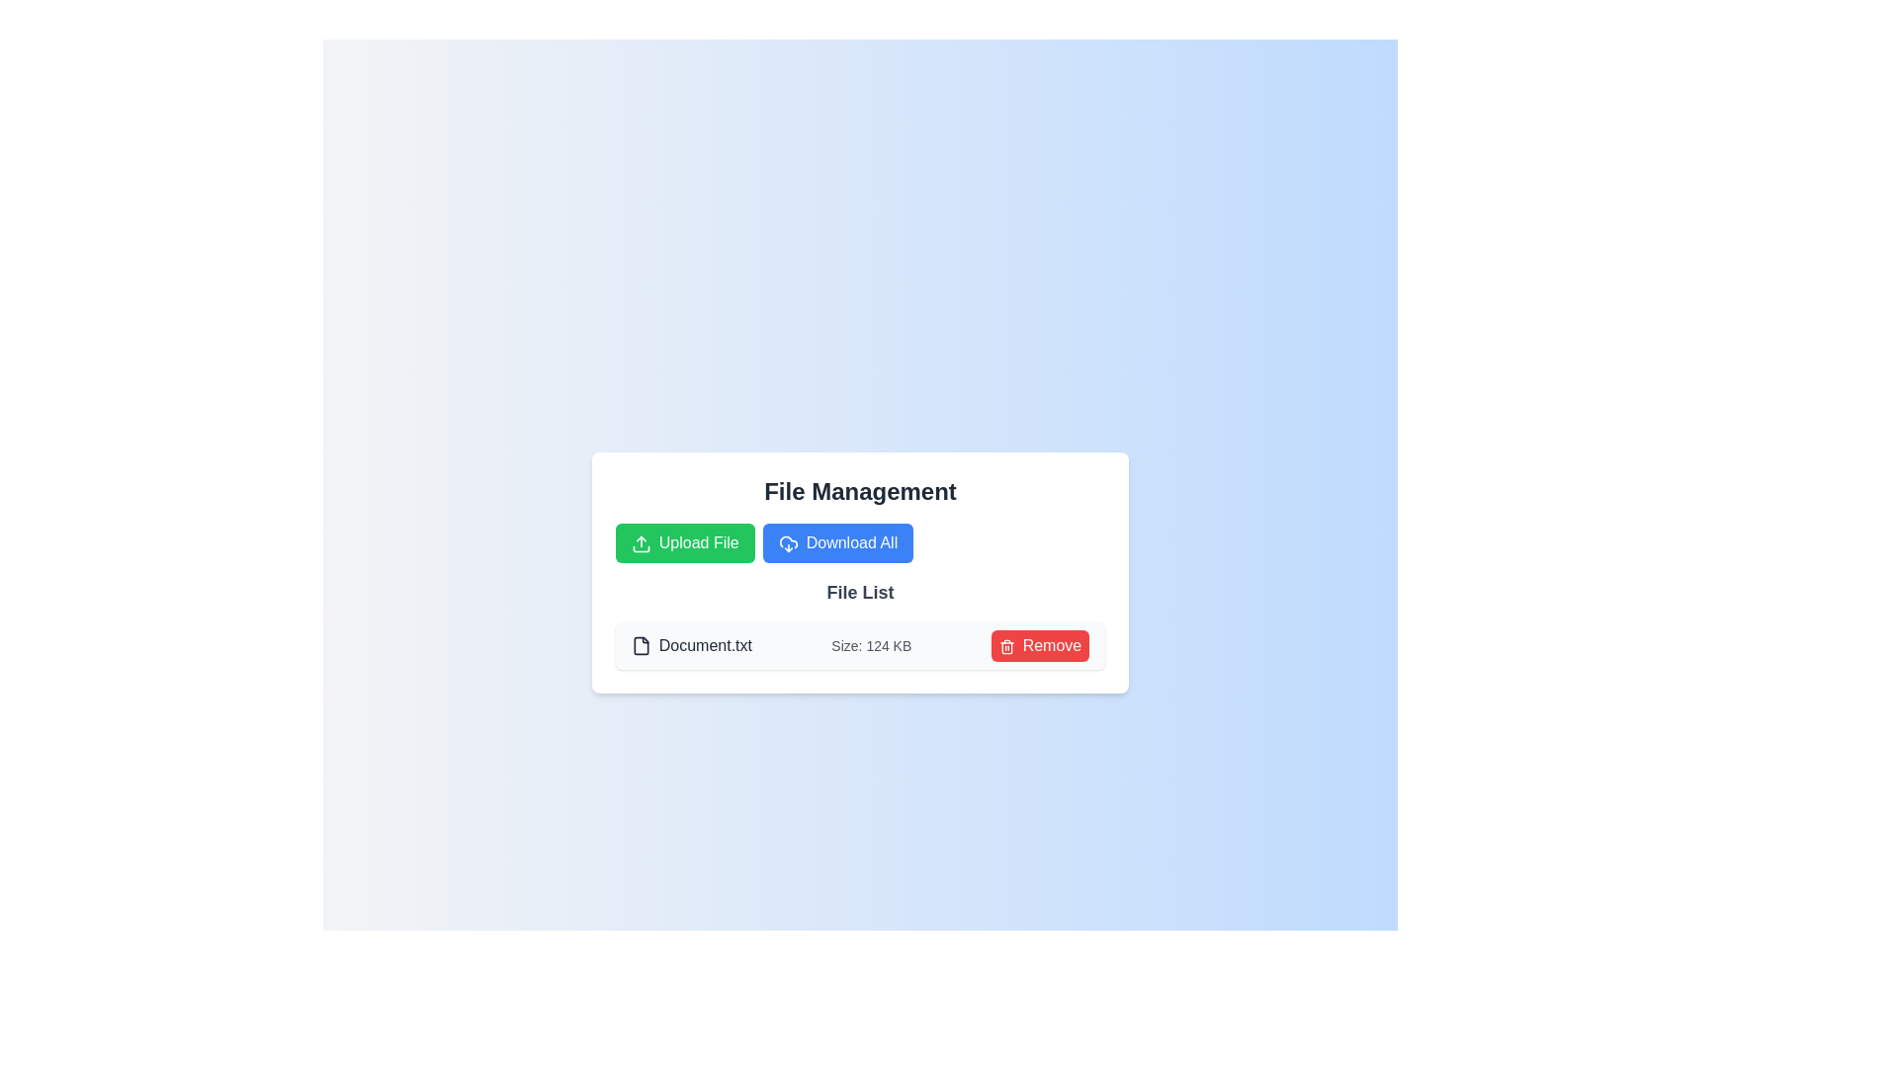  I want to click on the red 'Remove' button with a trash bin icon, so click(1039, 646).